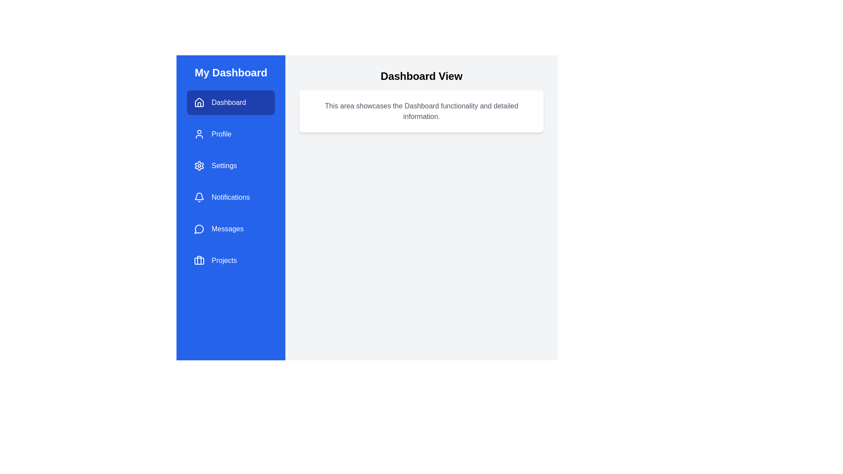  Describe the element at coordinates (231, 102) in the screenshot. I see `the menu item labeled Dashboard to navigate to its associated view` at that location.